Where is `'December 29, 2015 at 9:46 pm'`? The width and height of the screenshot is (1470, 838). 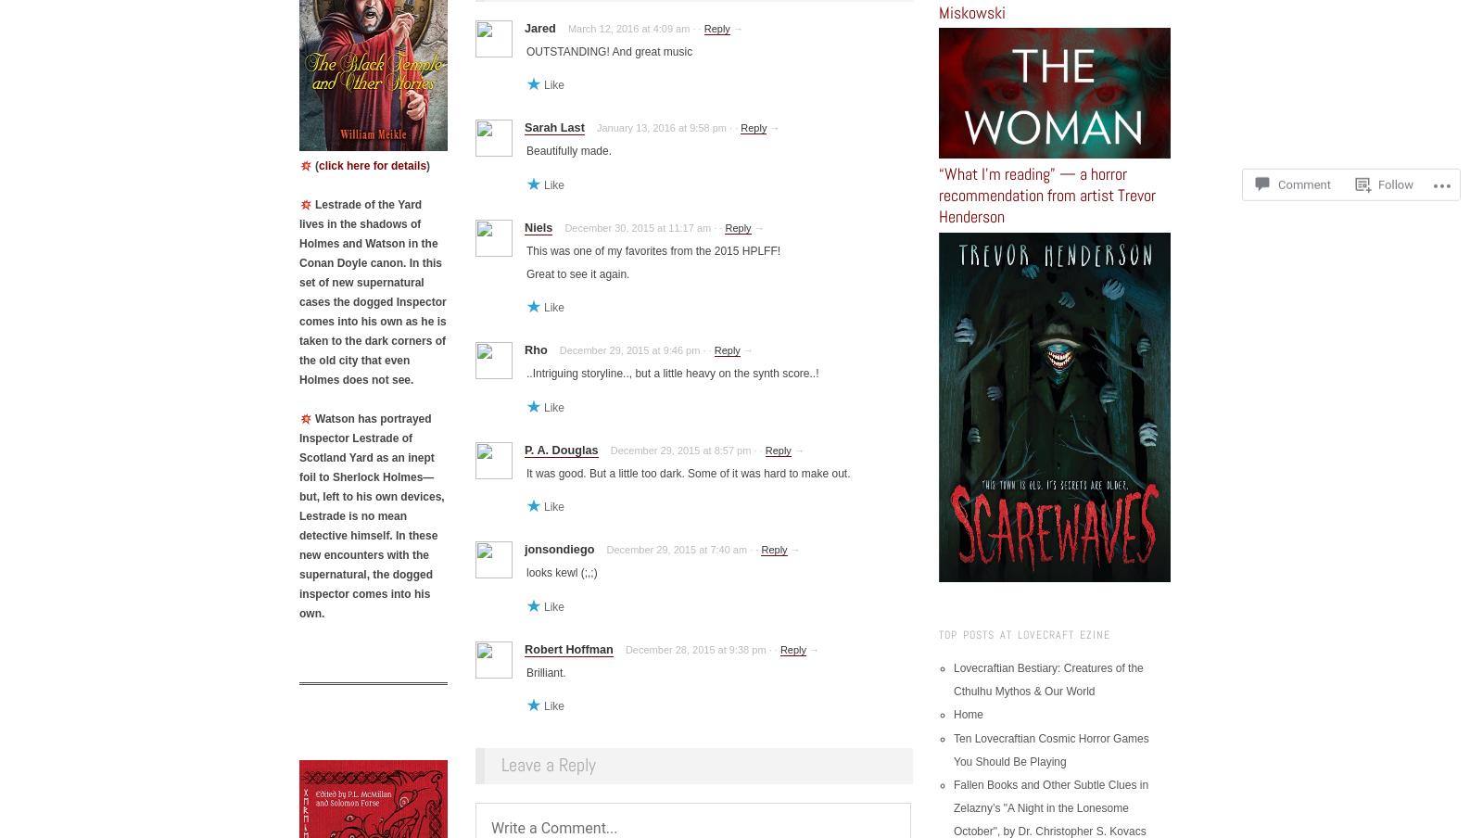
'December 29, 2015 at 9:46 pm' is located at coordinates (628, 349).